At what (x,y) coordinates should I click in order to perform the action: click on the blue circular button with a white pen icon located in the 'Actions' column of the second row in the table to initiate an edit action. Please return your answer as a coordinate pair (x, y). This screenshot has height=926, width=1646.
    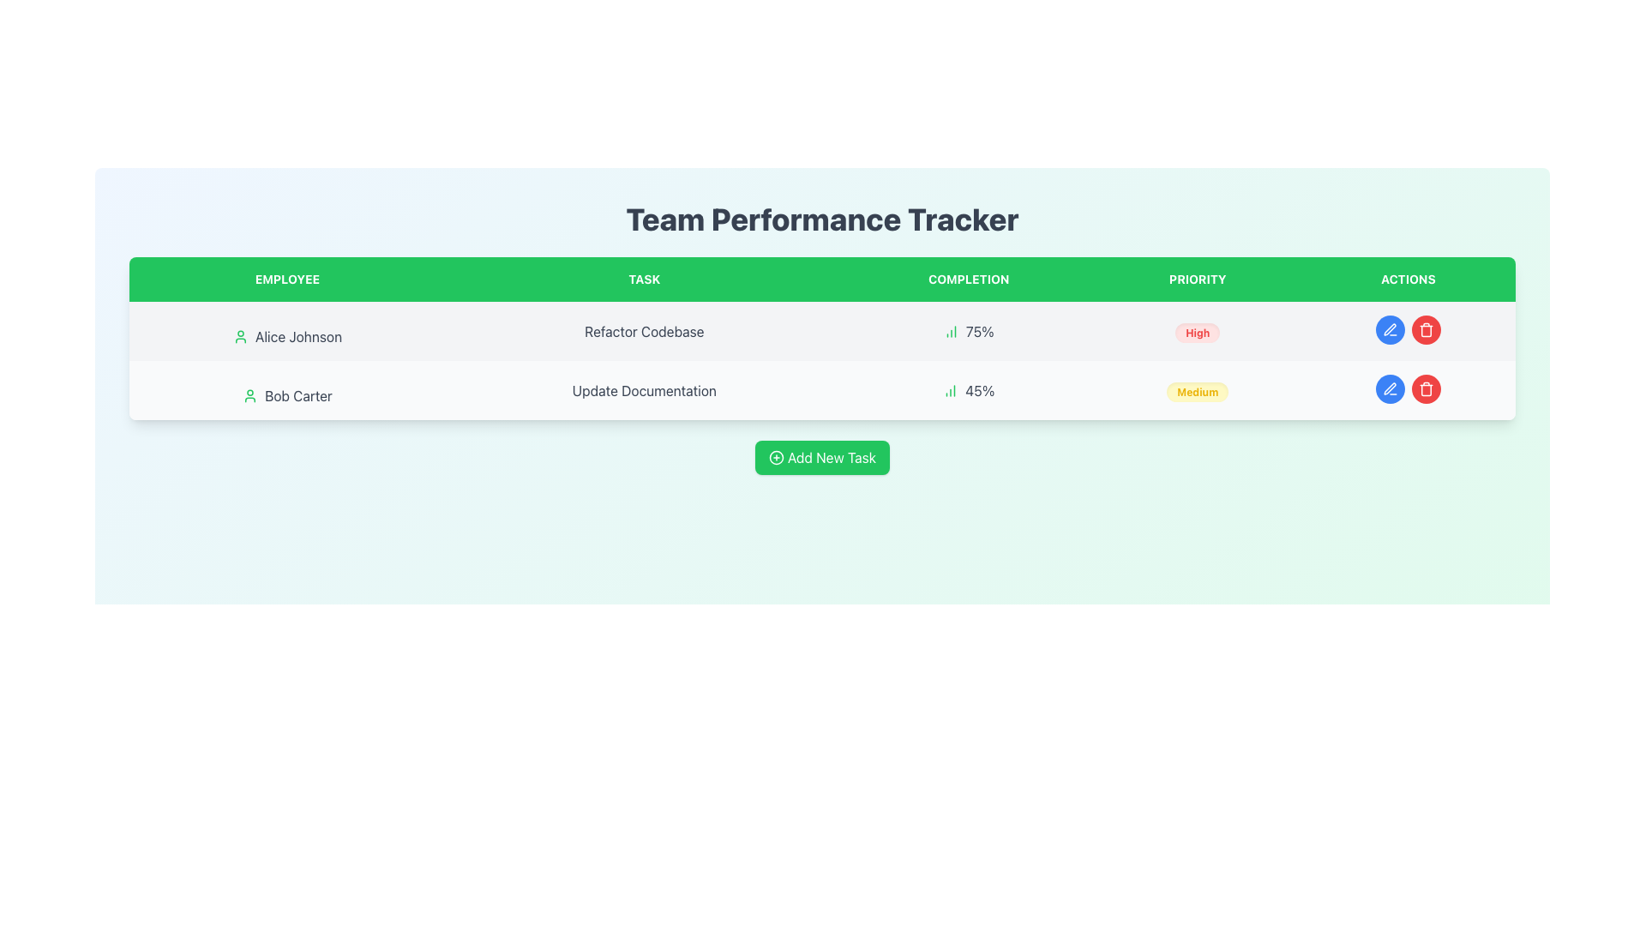
    Looking at the image, I should click on (1390, 389).